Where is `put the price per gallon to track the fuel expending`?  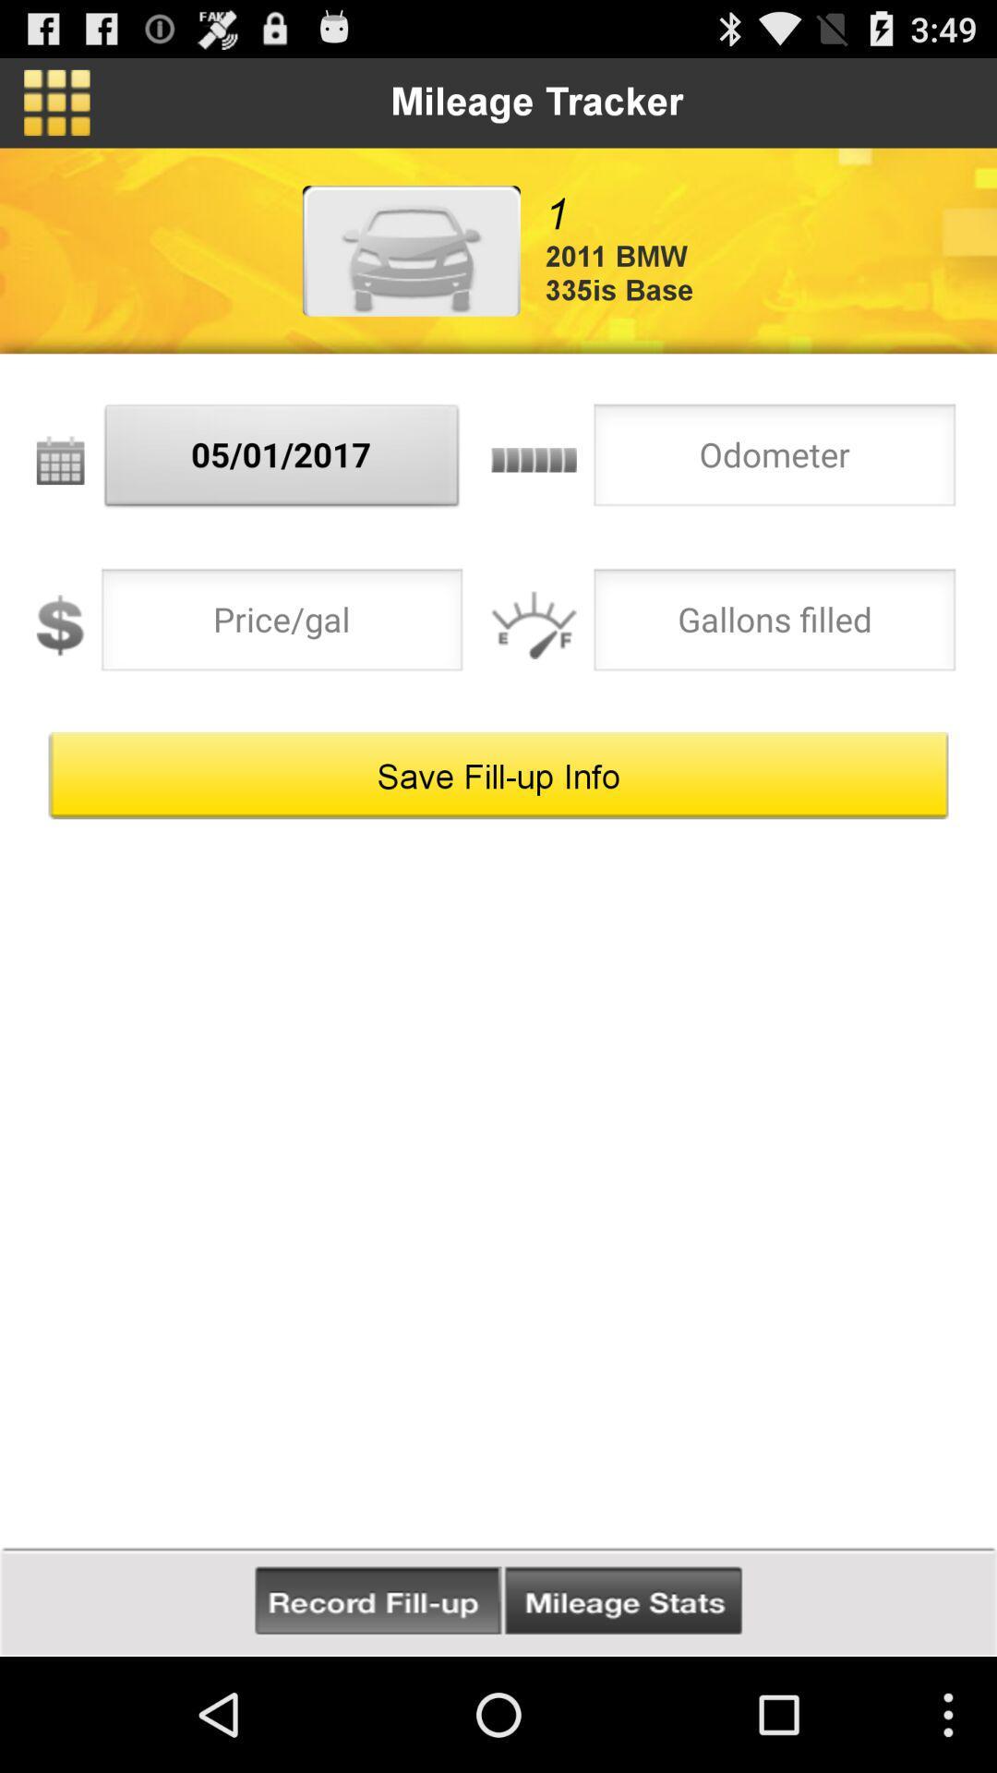 put the price per gallon to track the fuel expending is located at coordinates (282, 625).